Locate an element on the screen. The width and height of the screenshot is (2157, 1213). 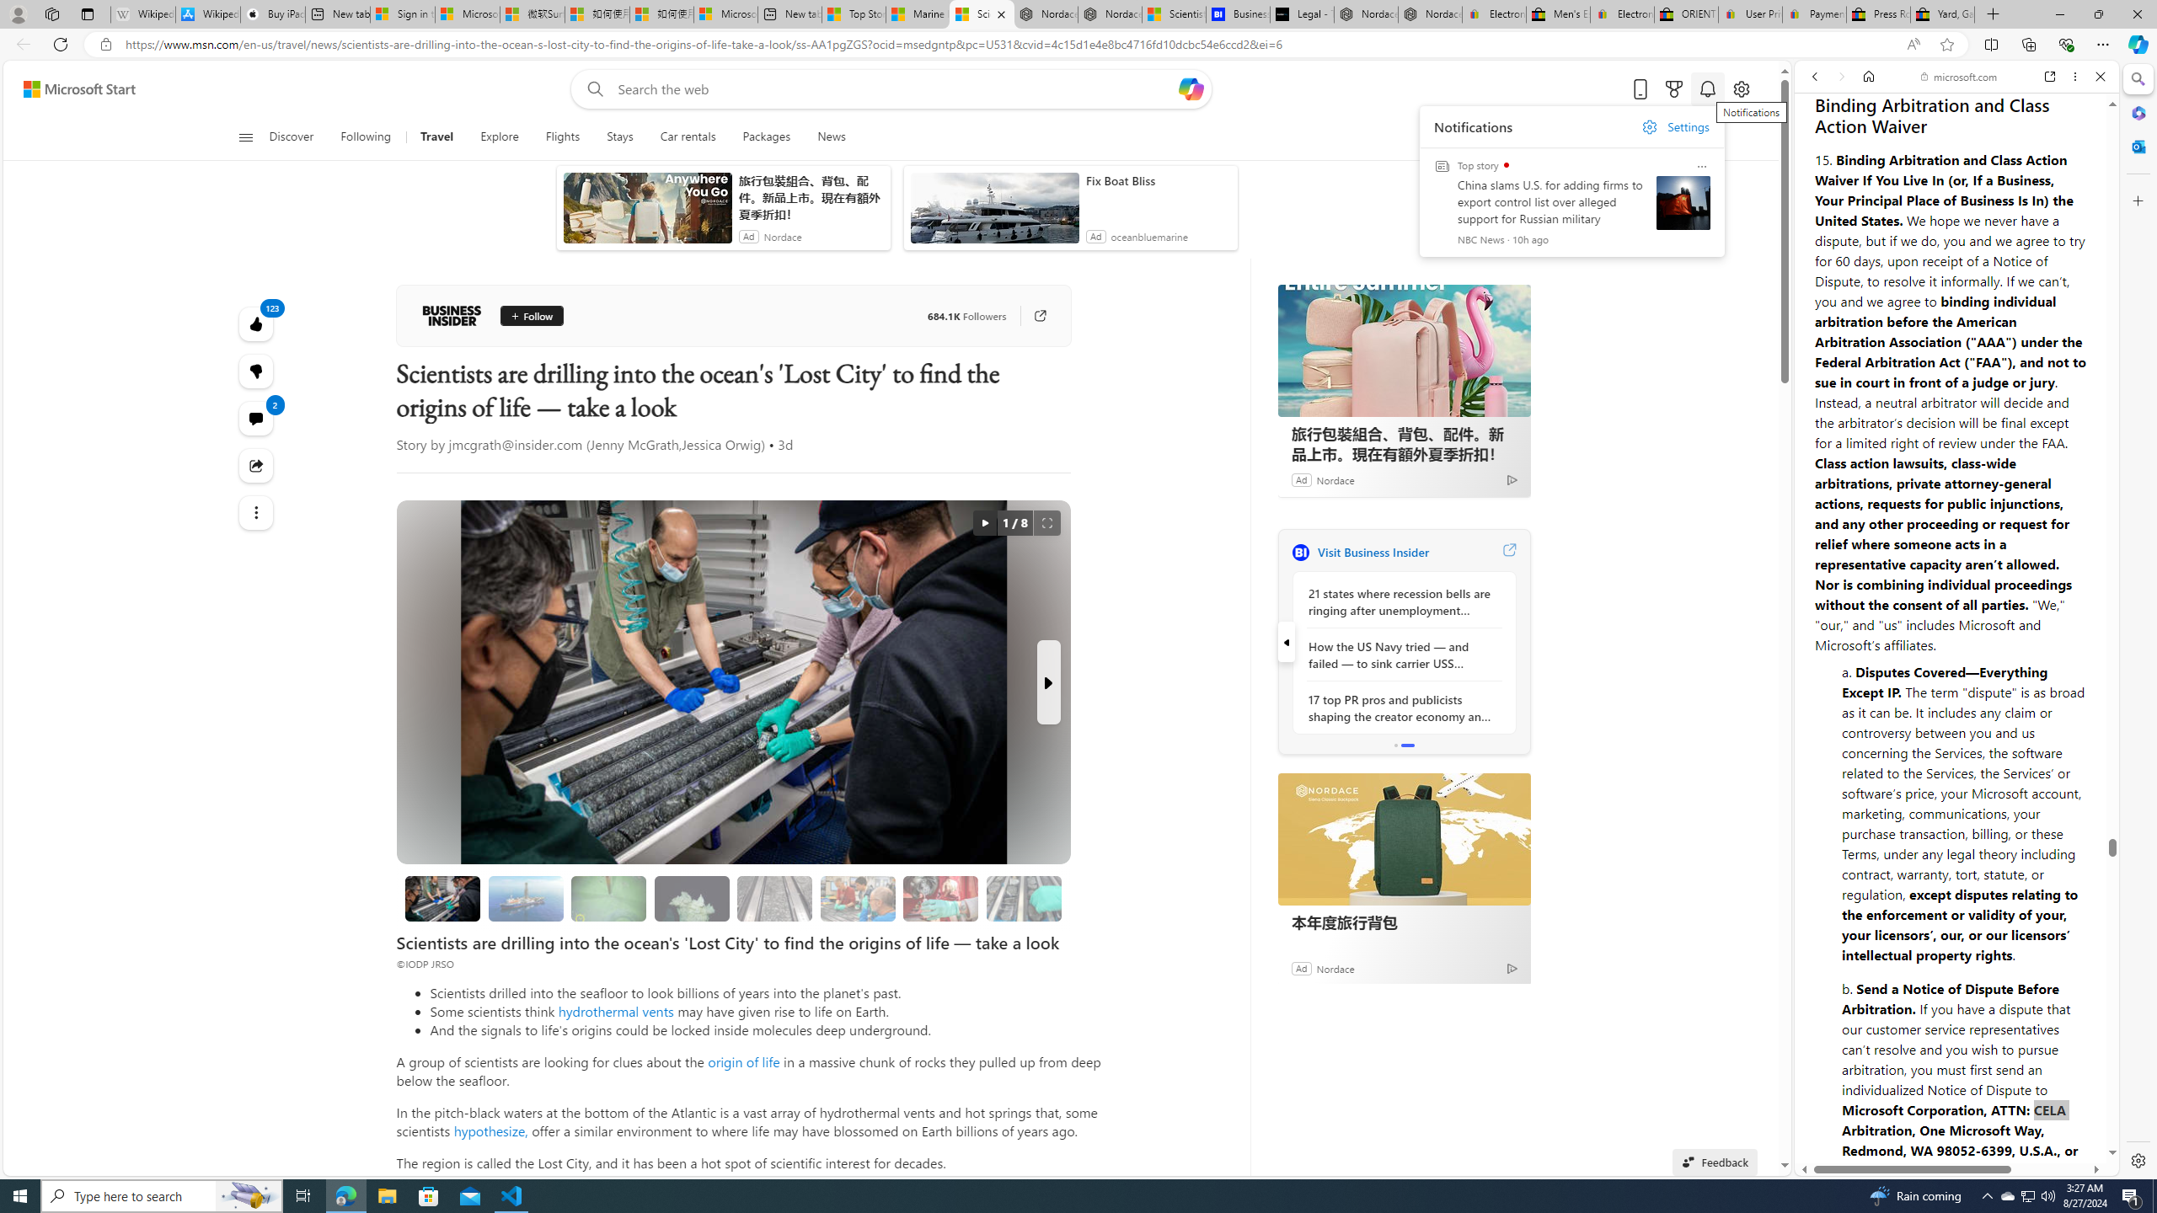
'Yard, Garden & Outdoor Living' is located at coordinates (1941, 13).